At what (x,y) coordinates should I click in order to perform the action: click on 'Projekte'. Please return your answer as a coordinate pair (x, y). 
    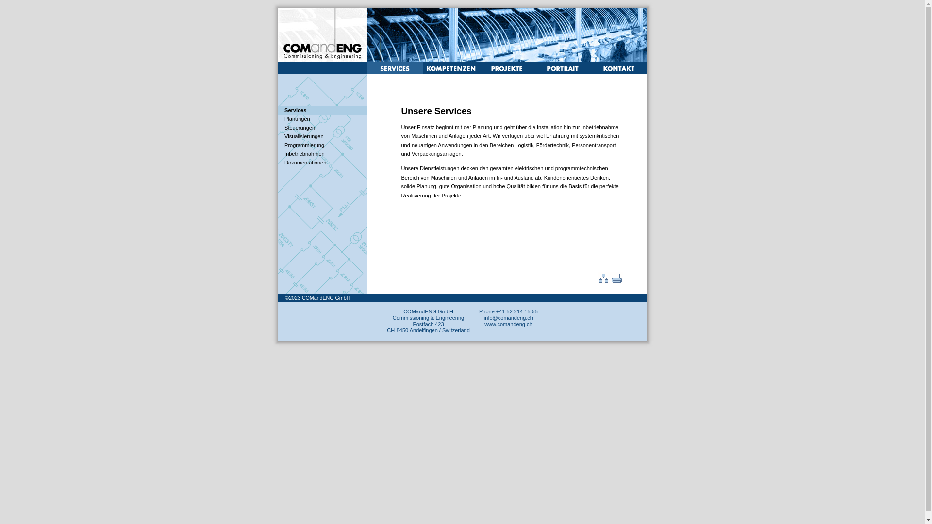
    Looking at the image, I should click on (506, 72).